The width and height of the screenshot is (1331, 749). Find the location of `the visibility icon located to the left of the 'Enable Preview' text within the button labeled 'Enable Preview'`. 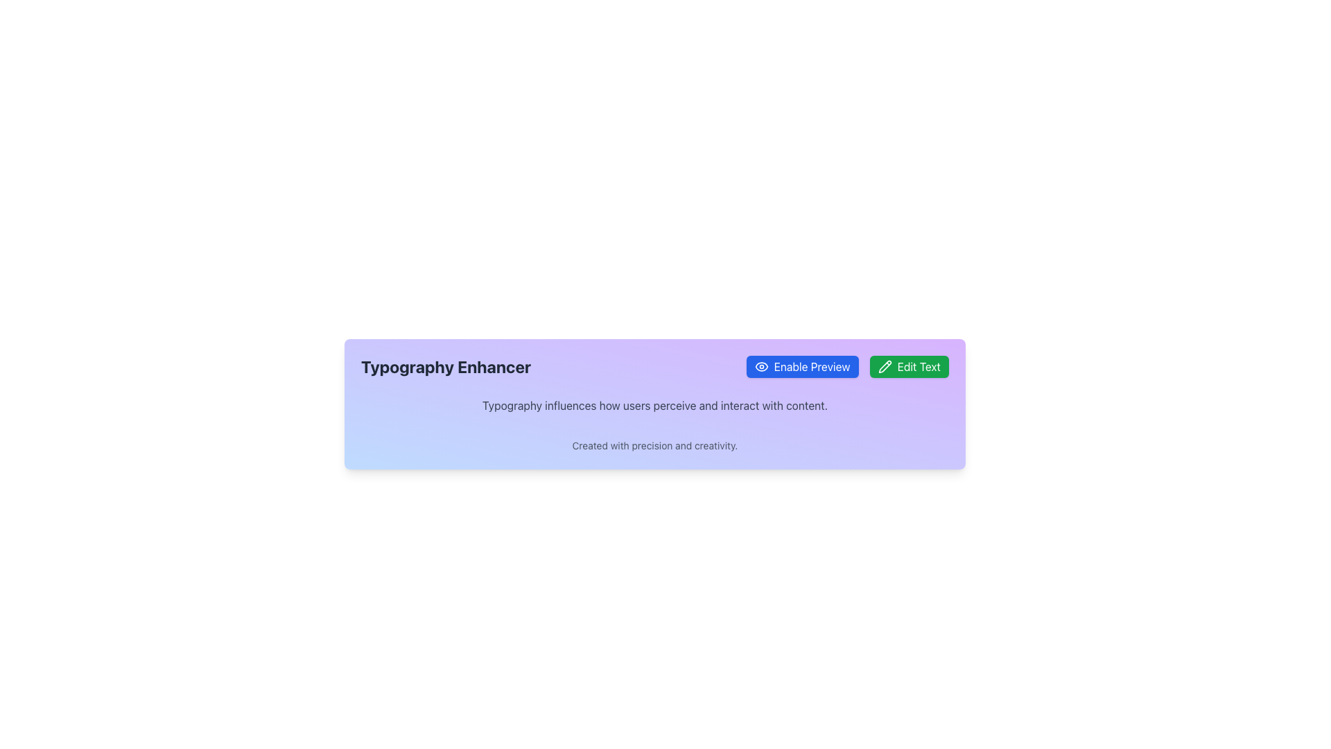

the visibility icon located to the left of the 'Enable Preview' text within the button labeled 'Enable Preview' is located at coordinates (760, 365).